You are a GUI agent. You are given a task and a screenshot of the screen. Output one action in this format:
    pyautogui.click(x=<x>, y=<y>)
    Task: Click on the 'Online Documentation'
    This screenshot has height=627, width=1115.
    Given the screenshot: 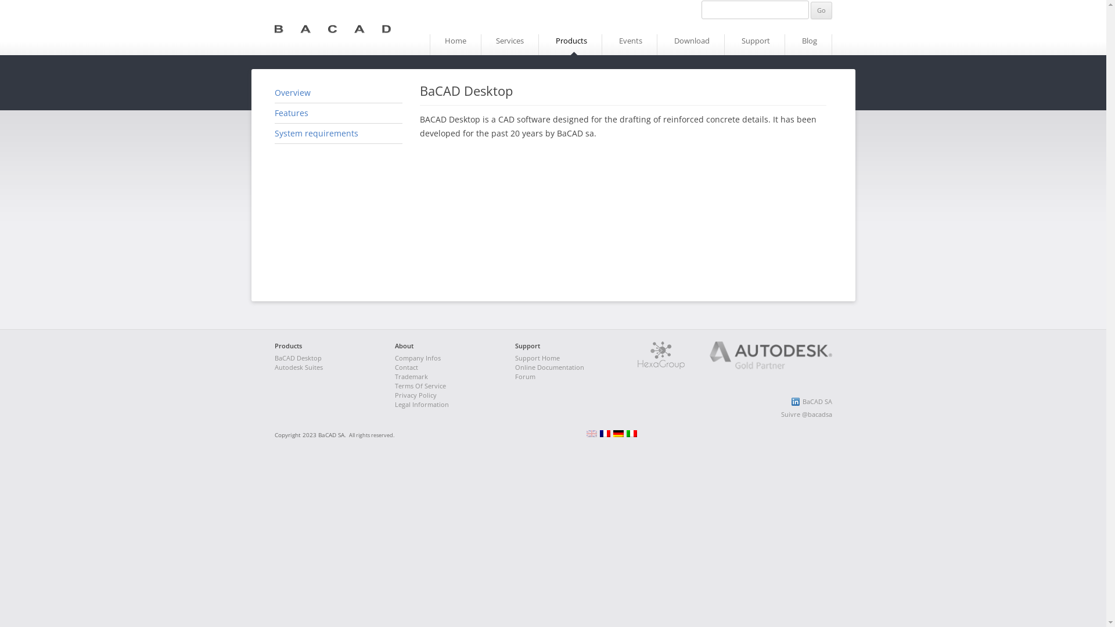 What is the action you would take?
    pyautogui.click(x=549, y=367)
    